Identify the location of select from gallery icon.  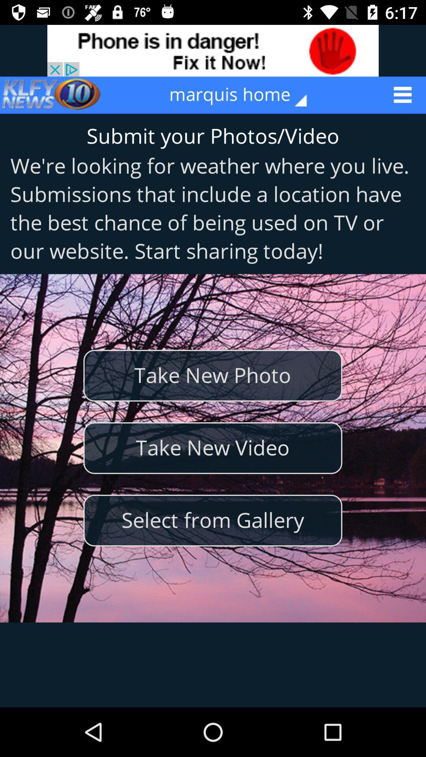
(212, 520).